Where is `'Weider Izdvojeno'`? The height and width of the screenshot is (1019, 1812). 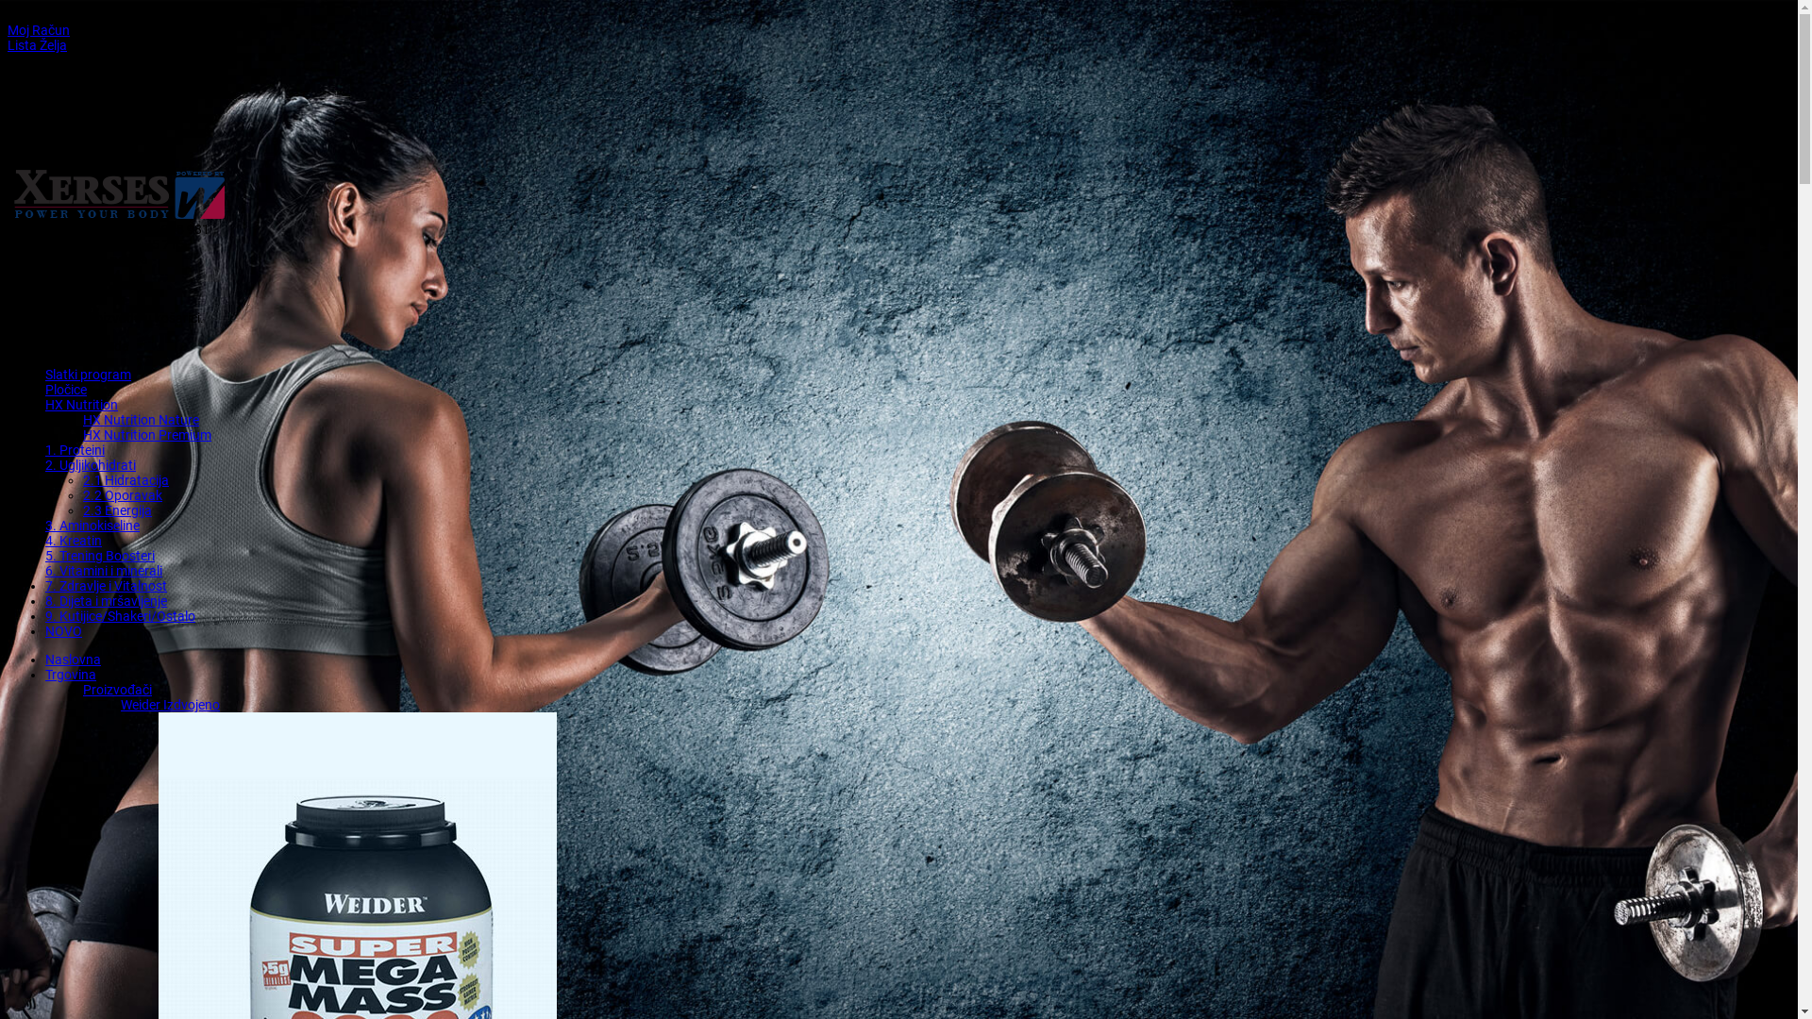 'Weider Izdvojeno' is located at coordinates (120, 705).